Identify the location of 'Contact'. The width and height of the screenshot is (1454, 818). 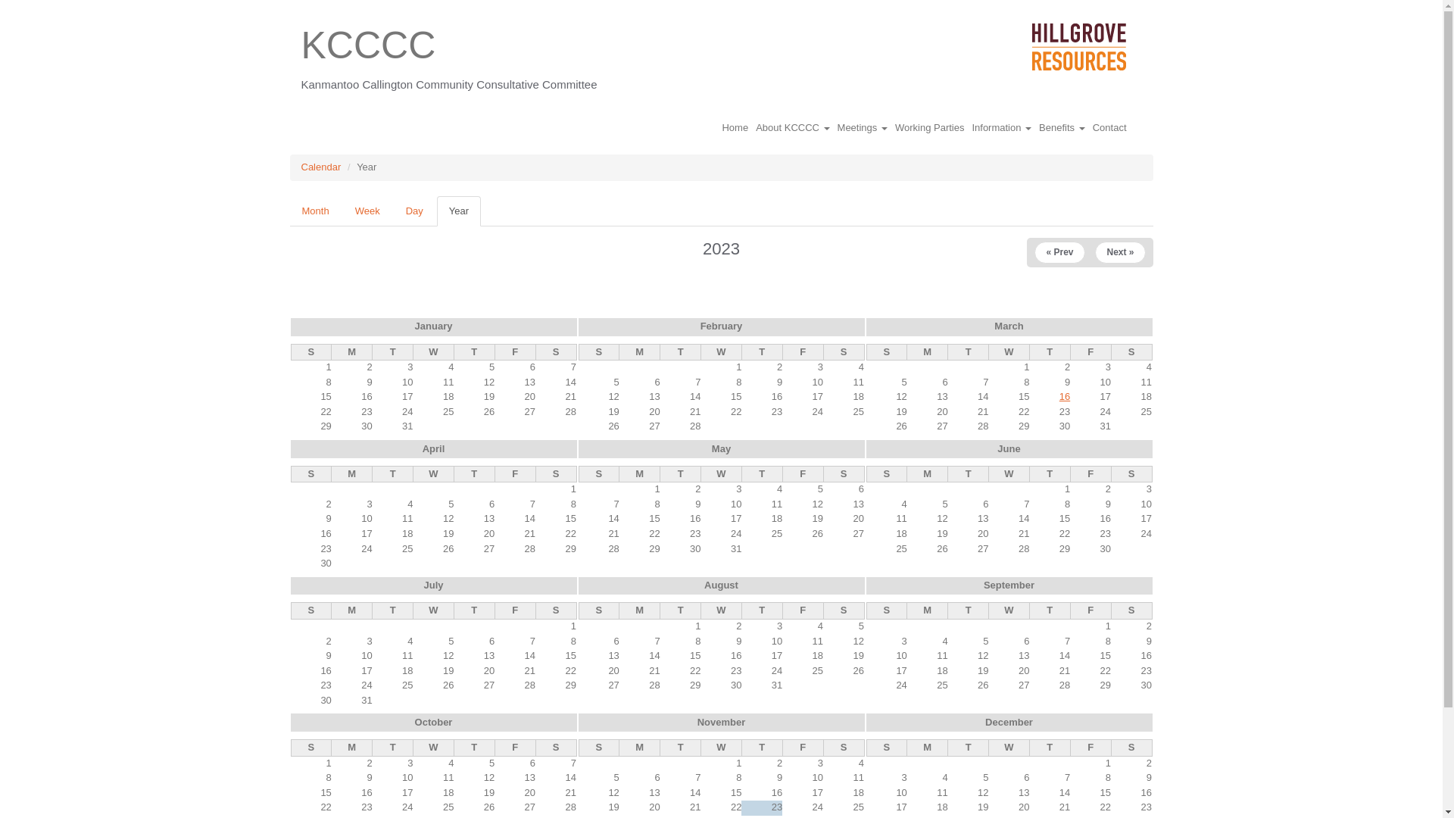
(1109, 127).